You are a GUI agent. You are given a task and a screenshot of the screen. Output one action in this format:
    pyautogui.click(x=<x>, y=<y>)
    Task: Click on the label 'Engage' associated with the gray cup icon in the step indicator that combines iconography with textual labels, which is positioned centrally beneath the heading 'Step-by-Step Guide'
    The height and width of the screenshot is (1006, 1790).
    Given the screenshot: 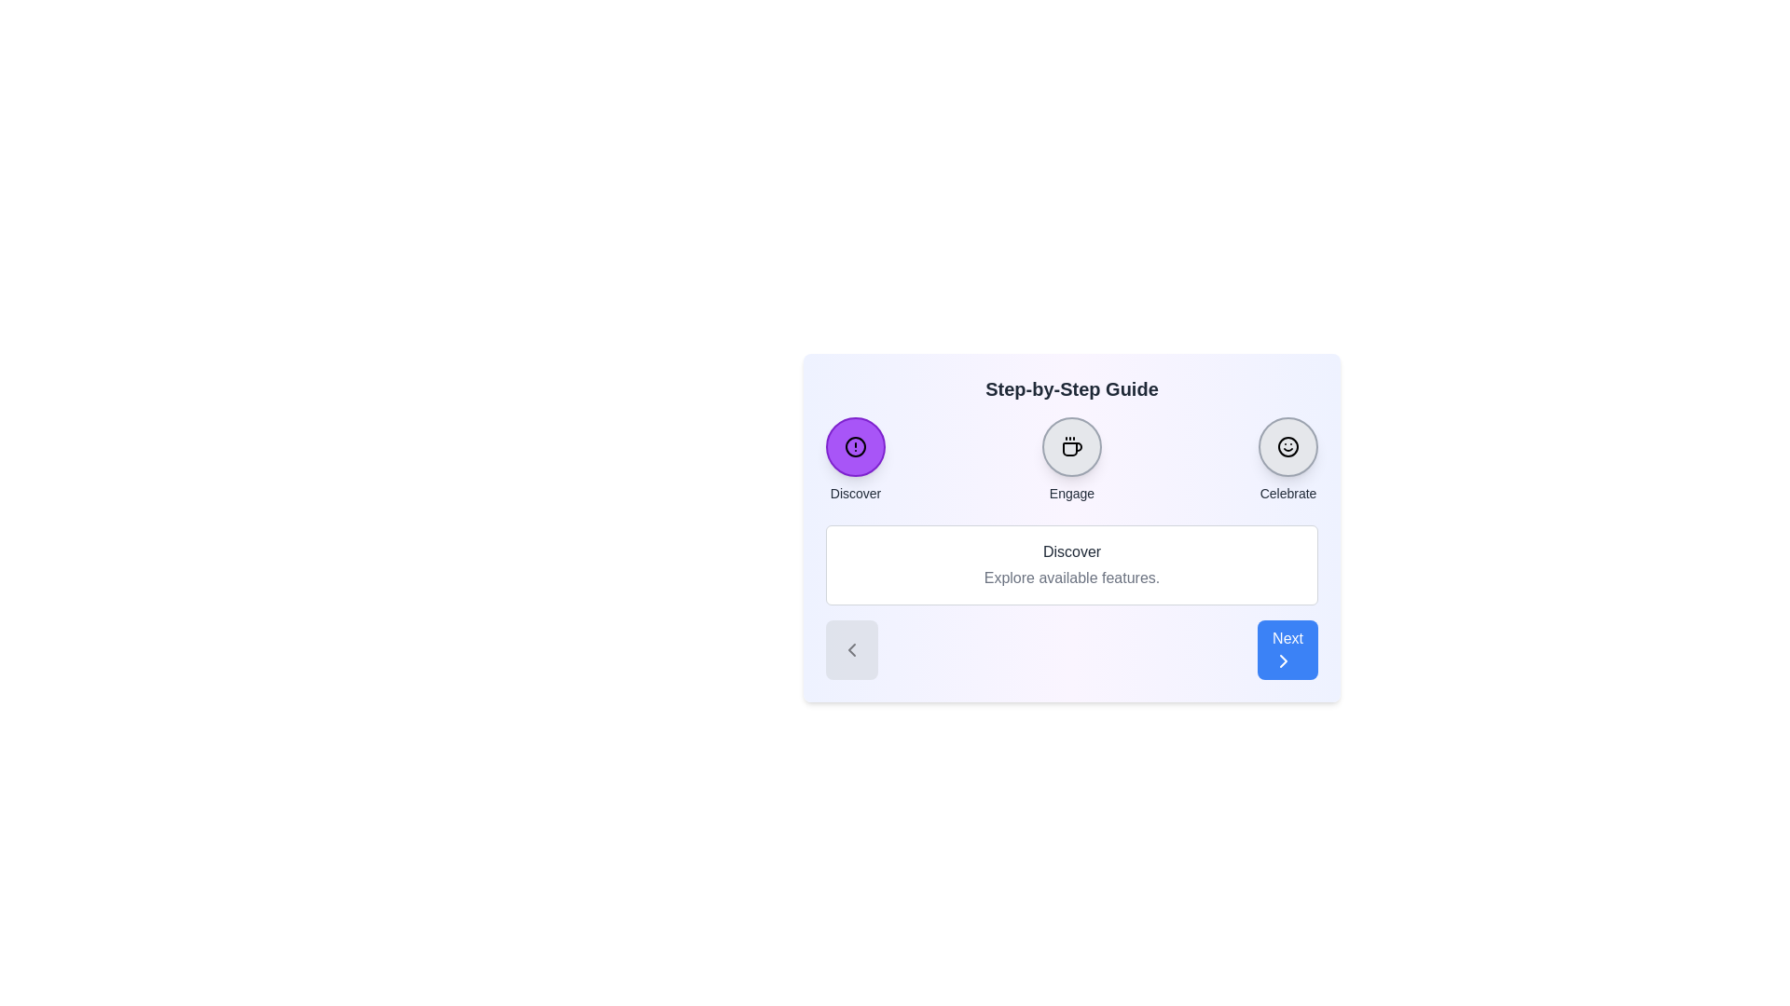 What is the action you would take?
    pyautogui.click(x=1072, y=459)
    